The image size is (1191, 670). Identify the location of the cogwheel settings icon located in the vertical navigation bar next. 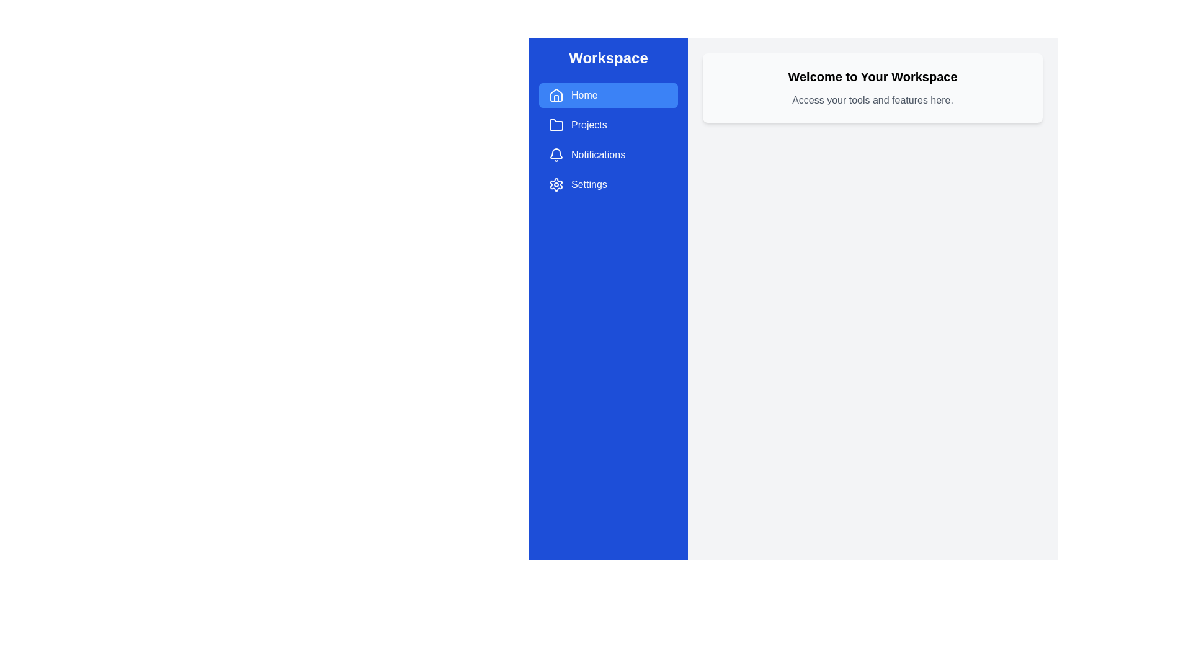
(556, 184).